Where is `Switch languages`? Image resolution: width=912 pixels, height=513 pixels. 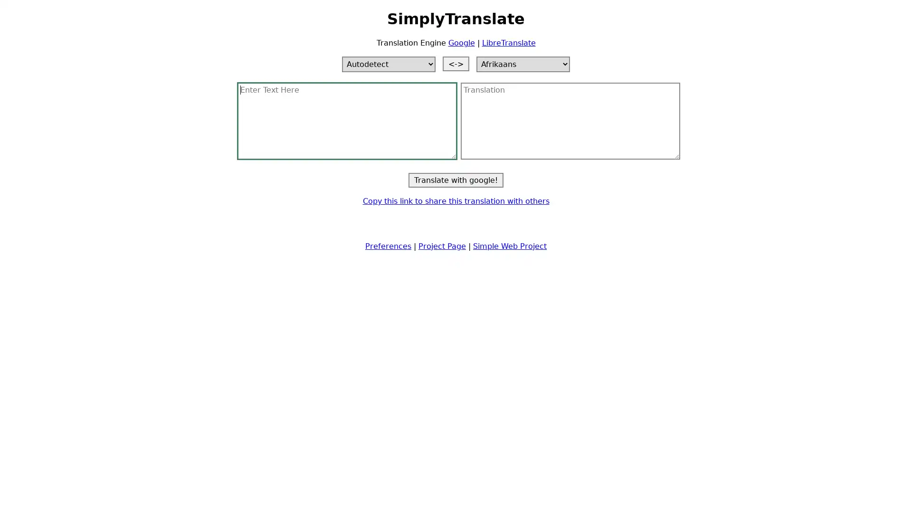
Switch languages is located at coordinates (456, 63).